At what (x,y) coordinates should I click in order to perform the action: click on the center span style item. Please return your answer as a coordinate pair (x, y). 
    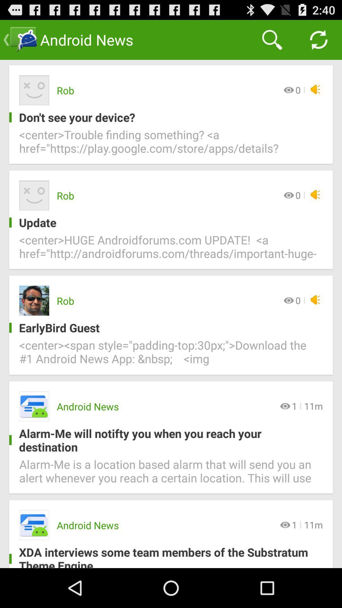
    Looking at the image, I should click on (171, 356).